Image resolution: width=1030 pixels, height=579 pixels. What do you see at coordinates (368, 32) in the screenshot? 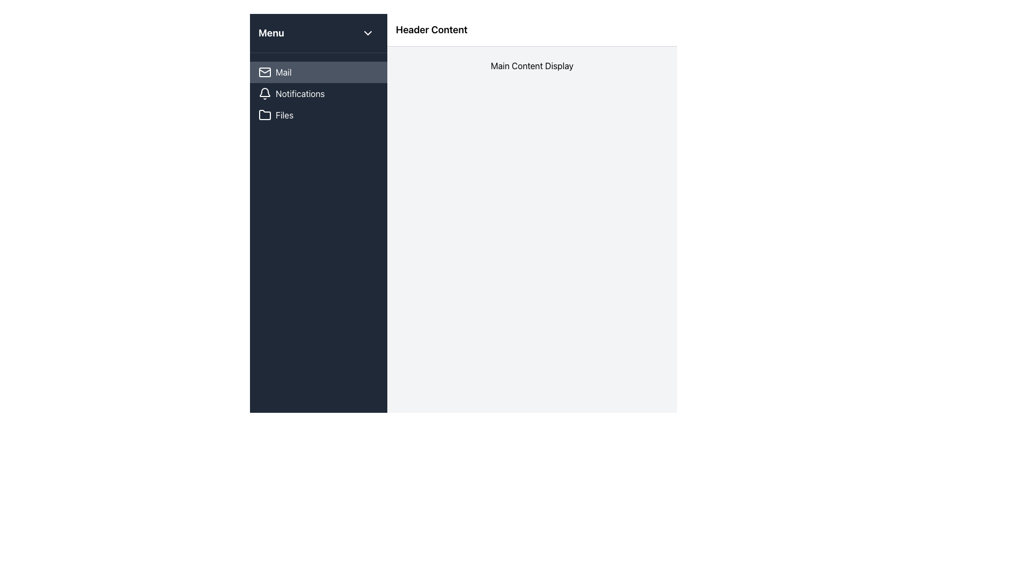
I see `the toggle button icon with a downward-pointing chevron located in the top-right corner of the 'Menu' header section` at bounding box center [368, 32].